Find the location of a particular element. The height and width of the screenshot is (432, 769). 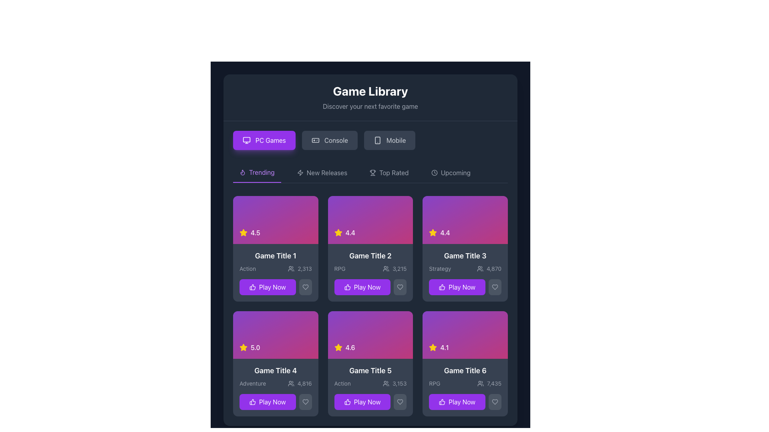

the star rating icon representing a rating of 4.5 stars located in the 'Trending' section of the game library, adjacent to the text displaying '4.5' is located at coordinates (243, 232).